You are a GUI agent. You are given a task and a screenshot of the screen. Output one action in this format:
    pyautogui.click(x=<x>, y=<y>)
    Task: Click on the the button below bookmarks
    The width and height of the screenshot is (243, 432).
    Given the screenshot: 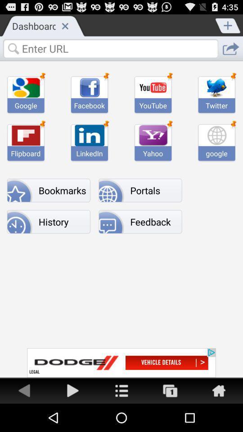 What is the action you would take?
    pyautogui.click(x=49, y=221)
    